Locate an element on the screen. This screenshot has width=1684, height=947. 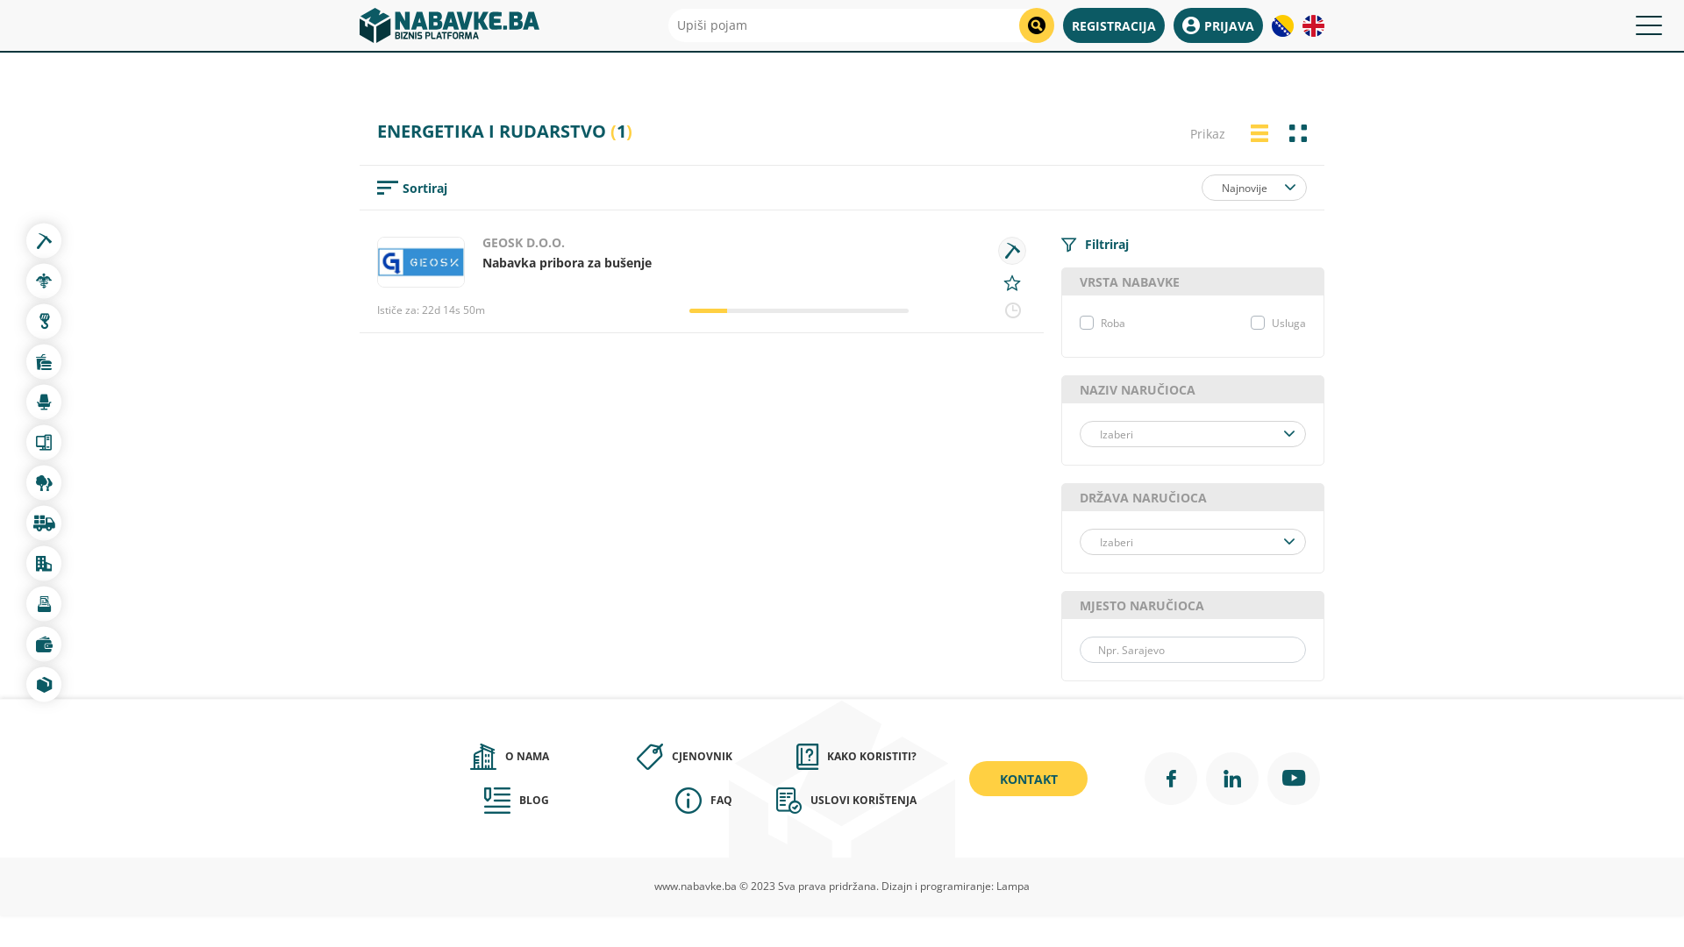
'nabavke.ba' is located at coordinates (449, 25).